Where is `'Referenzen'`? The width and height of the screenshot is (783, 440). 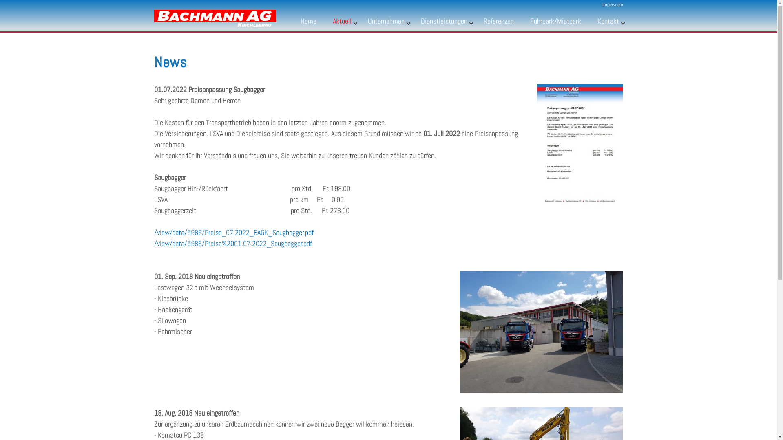
'Referenzen' is located at coordinates (498, 23).